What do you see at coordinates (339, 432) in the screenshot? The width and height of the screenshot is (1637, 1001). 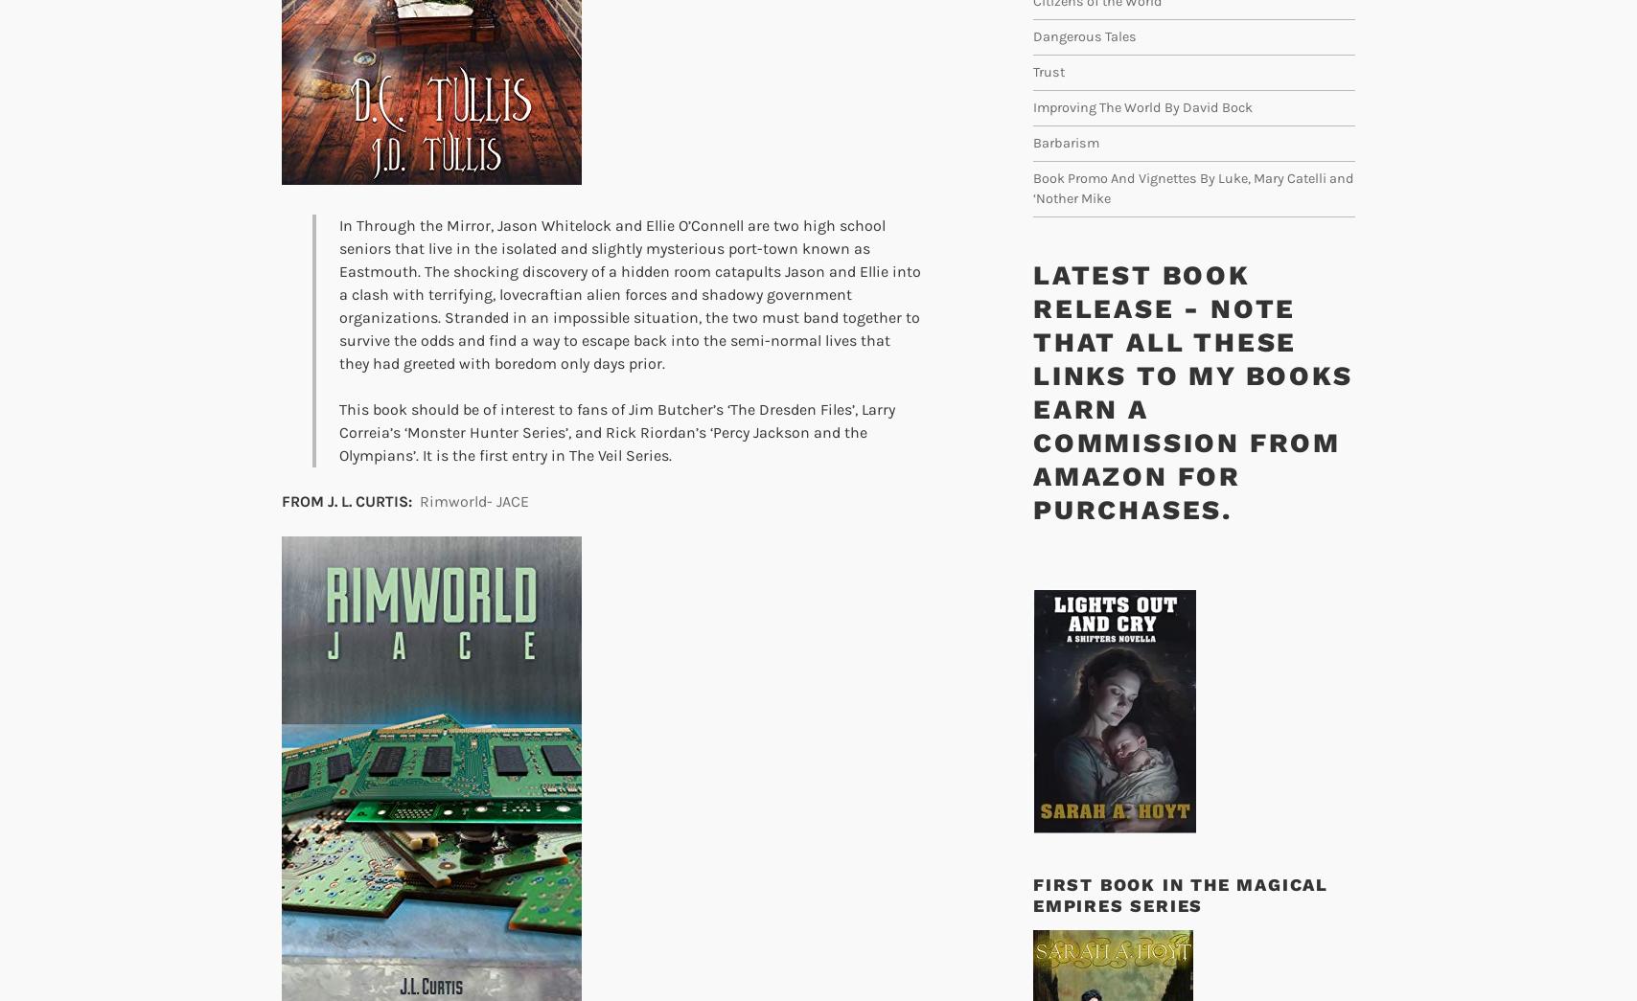 I see `'This book should be of interest to fans of Jim Butcher’s ‘The Dresden Files’, Larry Correia’s ‘Monster Hunter Series’, and Rick Riordan’s ‘Percy Jackson and the Olympians’. It is the first entry in The Veil Series.'` at bounding box center [339, 432].